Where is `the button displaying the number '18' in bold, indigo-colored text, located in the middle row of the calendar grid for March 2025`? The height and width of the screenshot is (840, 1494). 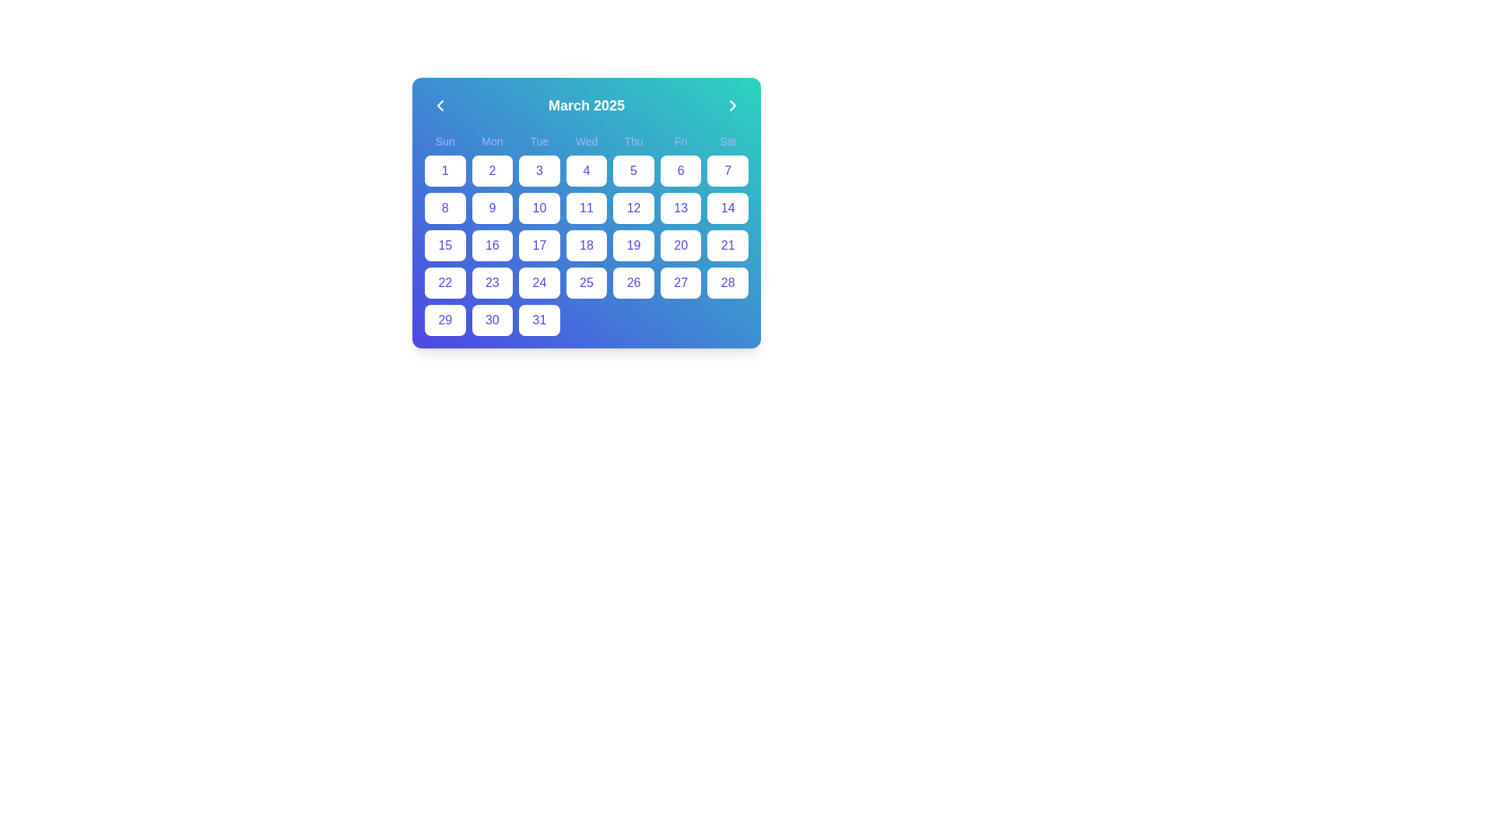
the button displaying the number '18' in bold, indigo-colored text, located in the middle row of the calendar grid for March 2025 is located at coordinates (585, 245).